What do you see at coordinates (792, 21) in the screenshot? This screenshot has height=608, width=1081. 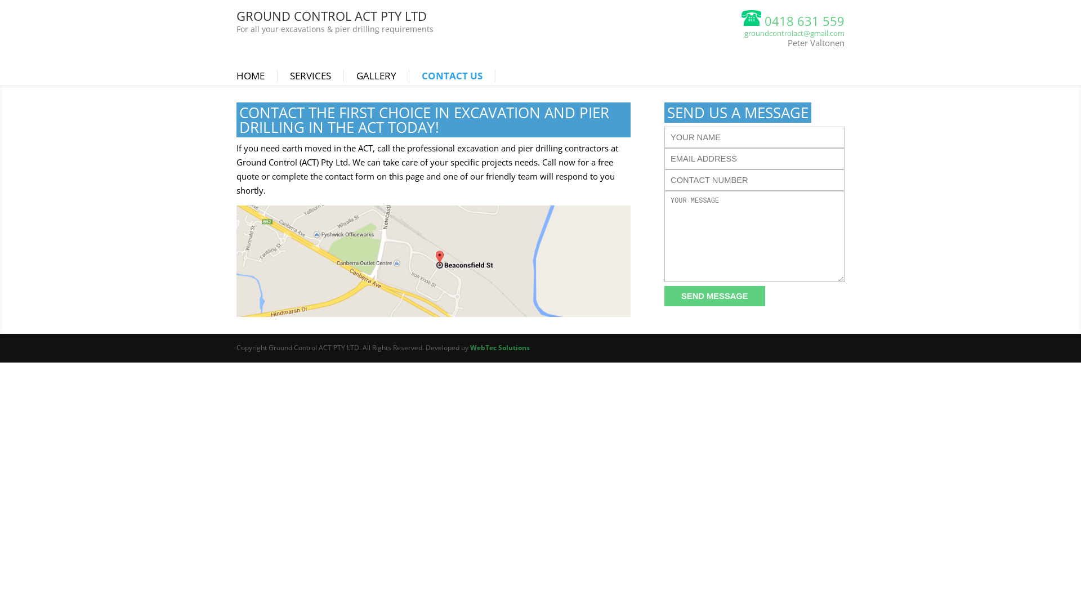 I see `'0418 631 559'` at bounding box center [792, 21].